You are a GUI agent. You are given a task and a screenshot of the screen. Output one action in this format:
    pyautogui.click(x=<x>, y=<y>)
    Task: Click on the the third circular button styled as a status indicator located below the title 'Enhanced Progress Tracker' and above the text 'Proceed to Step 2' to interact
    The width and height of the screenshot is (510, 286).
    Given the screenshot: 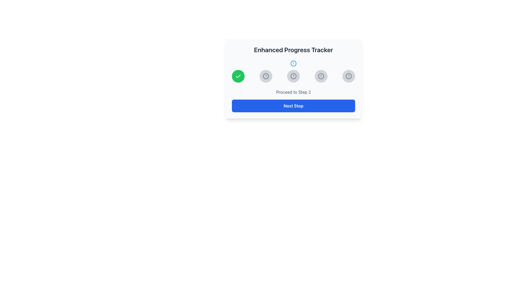 What is the action you would take?
    pyautogui.click(x=293, y=76)
    